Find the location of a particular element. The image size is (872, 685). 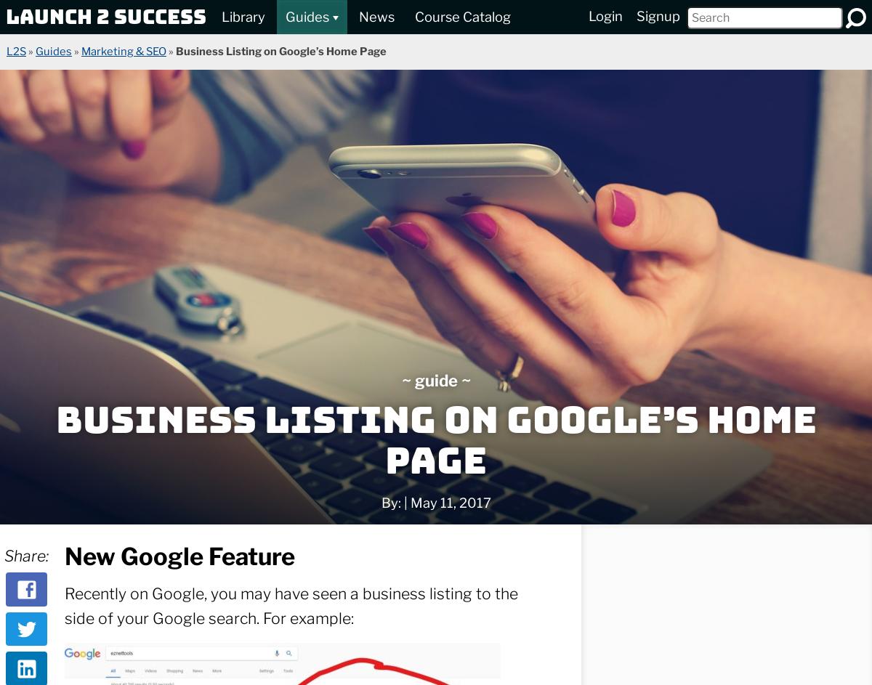

'…and have white-label options.' is located at coordinates (726, 200).